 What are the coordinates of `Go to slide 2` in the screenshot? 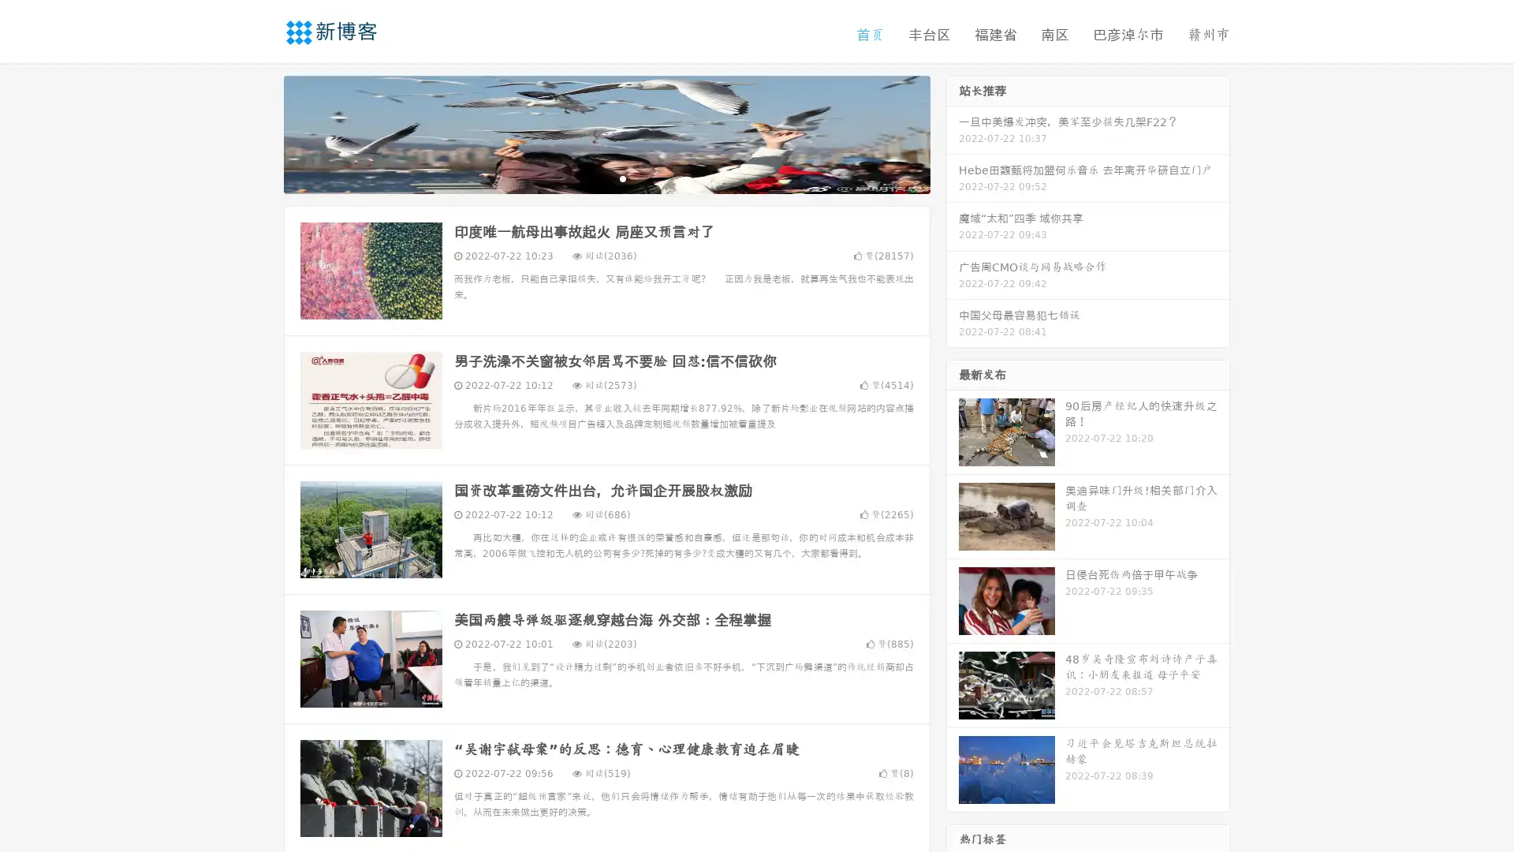 It's located at (606, 177).